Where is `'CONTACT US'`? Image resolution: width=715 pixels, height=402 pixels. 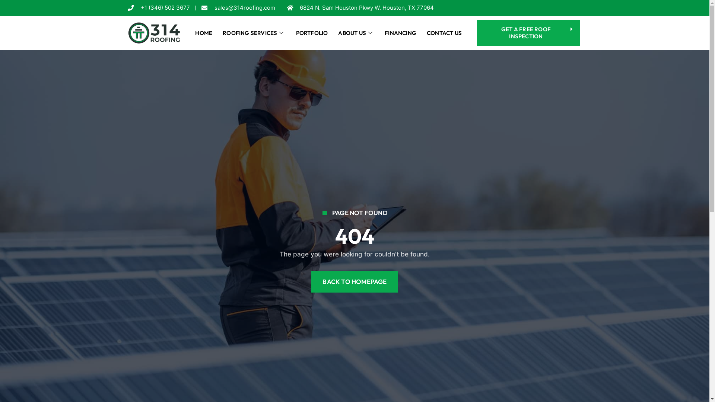 'CONTACT US' is located at coordinates (444, 32).